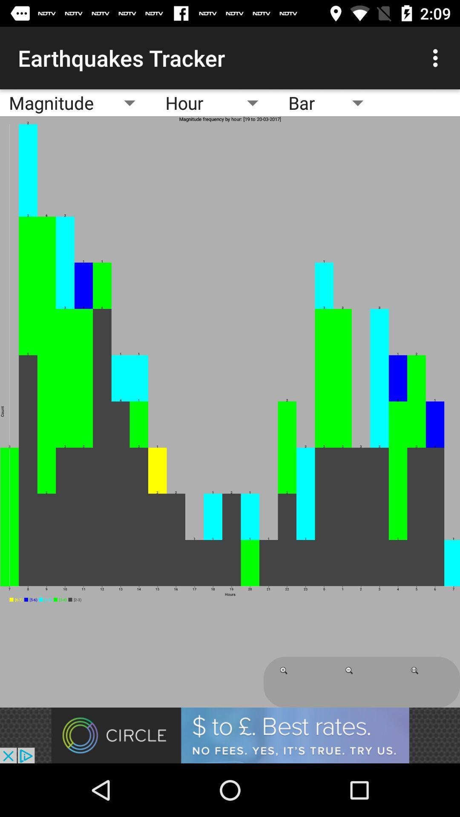  I want to click on advertisement website, so click(230, 735).